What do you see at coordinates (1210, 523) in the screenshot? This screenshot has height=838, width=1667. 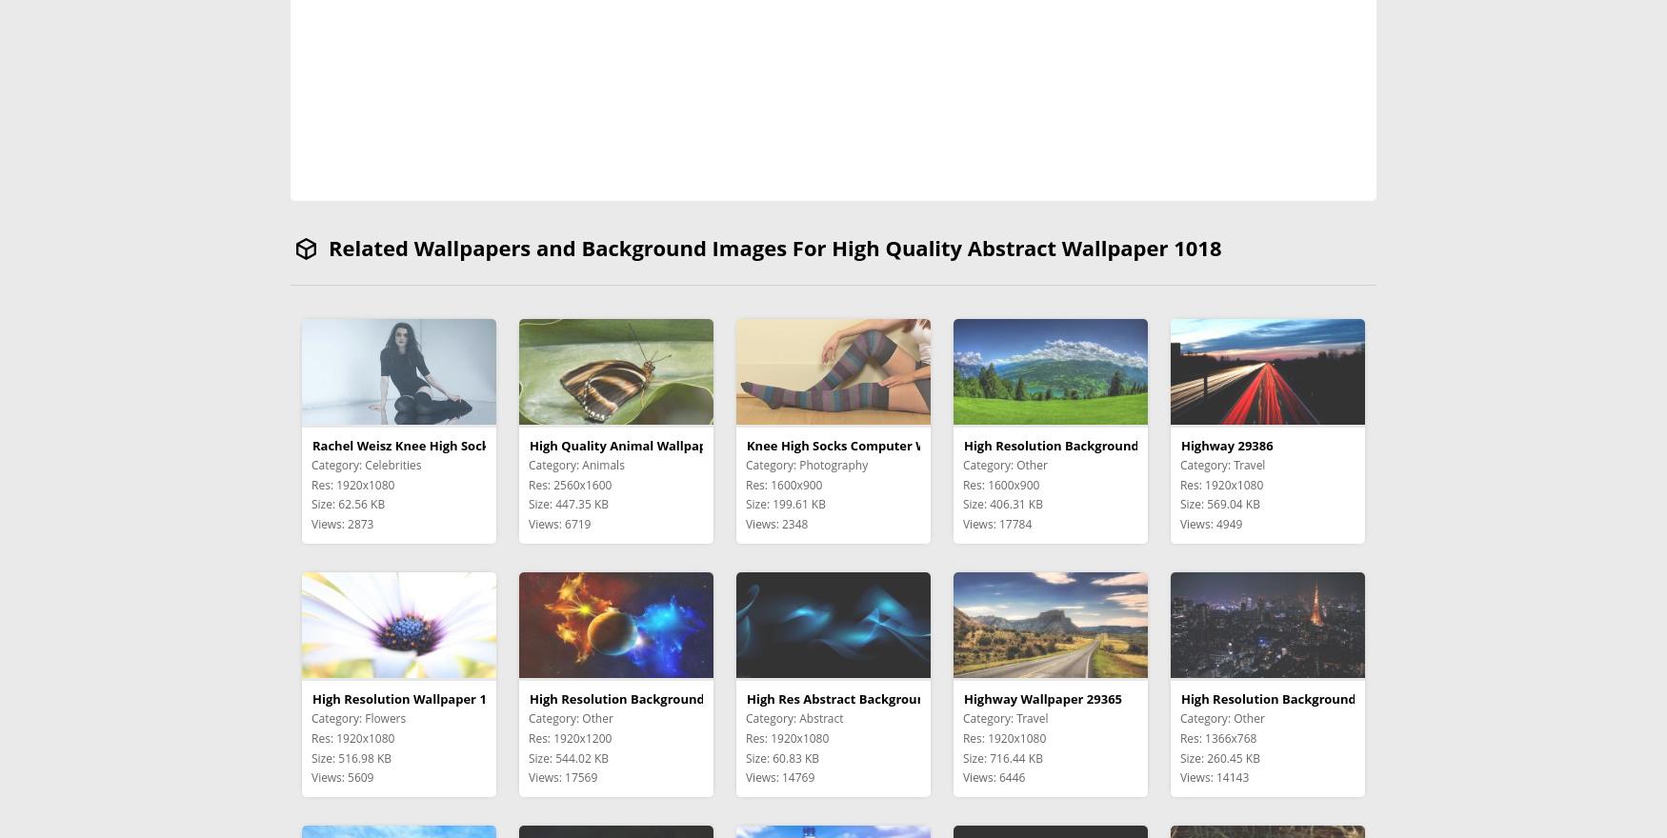 I see `'Views: 4949'` at bounding box center [1210, 523].